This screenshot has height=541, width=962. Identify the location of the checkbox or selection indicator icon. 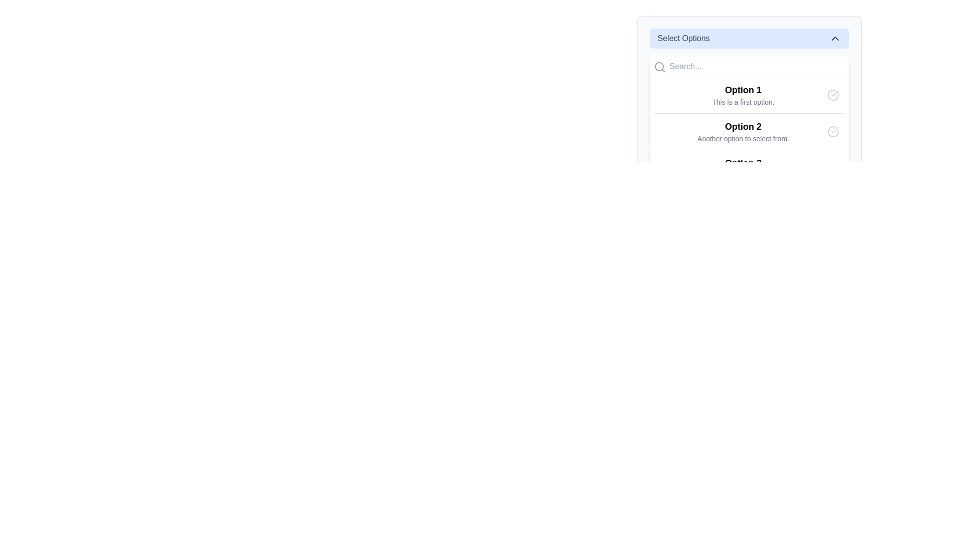
(833, 131).